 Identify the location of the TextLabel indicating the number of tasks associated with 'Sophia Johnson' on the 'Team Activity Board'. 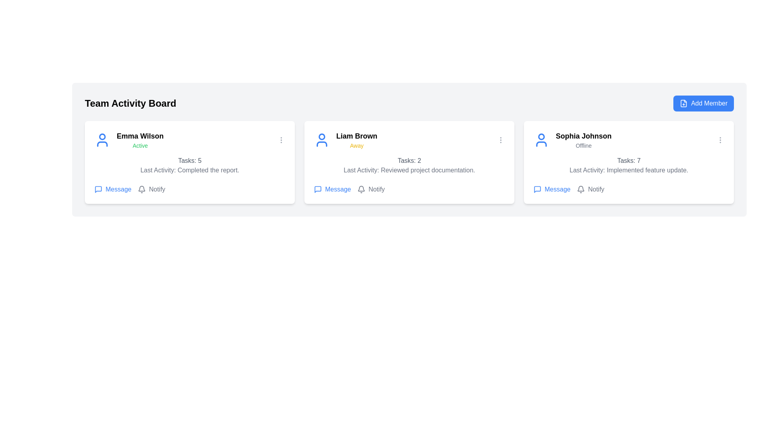
(628, 161).